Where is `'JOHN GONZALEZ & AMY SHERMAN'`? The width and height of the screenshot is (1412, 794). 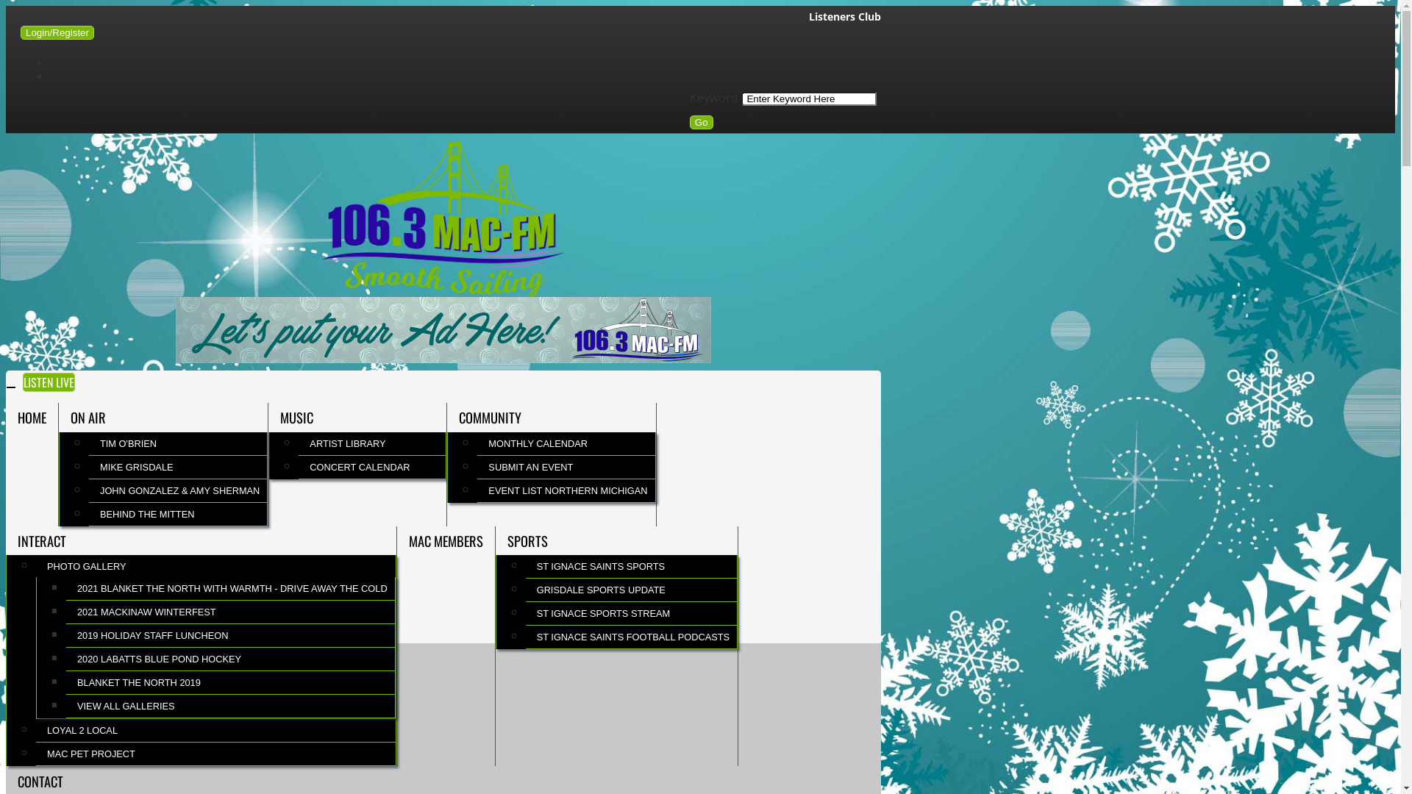
'JOHN GONZALEZ & AMY SHERMAN' is located at coordinates (176, 490).